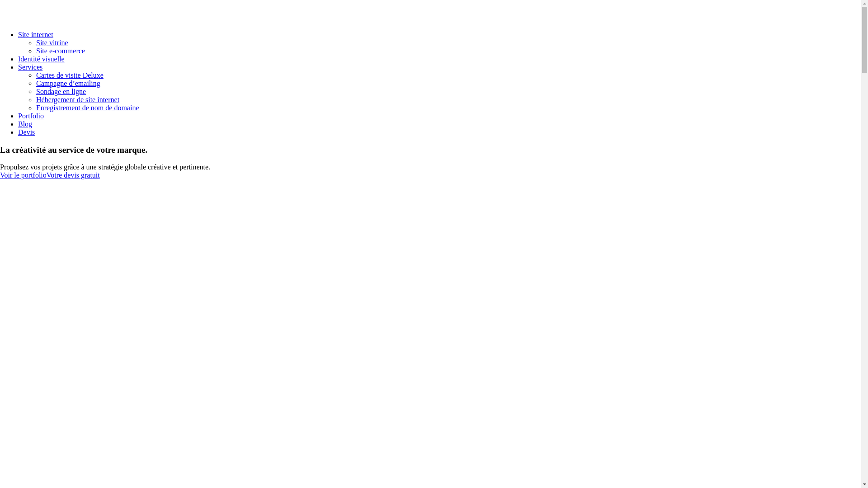 The image size is (868, 488). What do you see at coordinates (30, 66) in the screenshot?
I see `'Services'` at bounding box center [30, 66].